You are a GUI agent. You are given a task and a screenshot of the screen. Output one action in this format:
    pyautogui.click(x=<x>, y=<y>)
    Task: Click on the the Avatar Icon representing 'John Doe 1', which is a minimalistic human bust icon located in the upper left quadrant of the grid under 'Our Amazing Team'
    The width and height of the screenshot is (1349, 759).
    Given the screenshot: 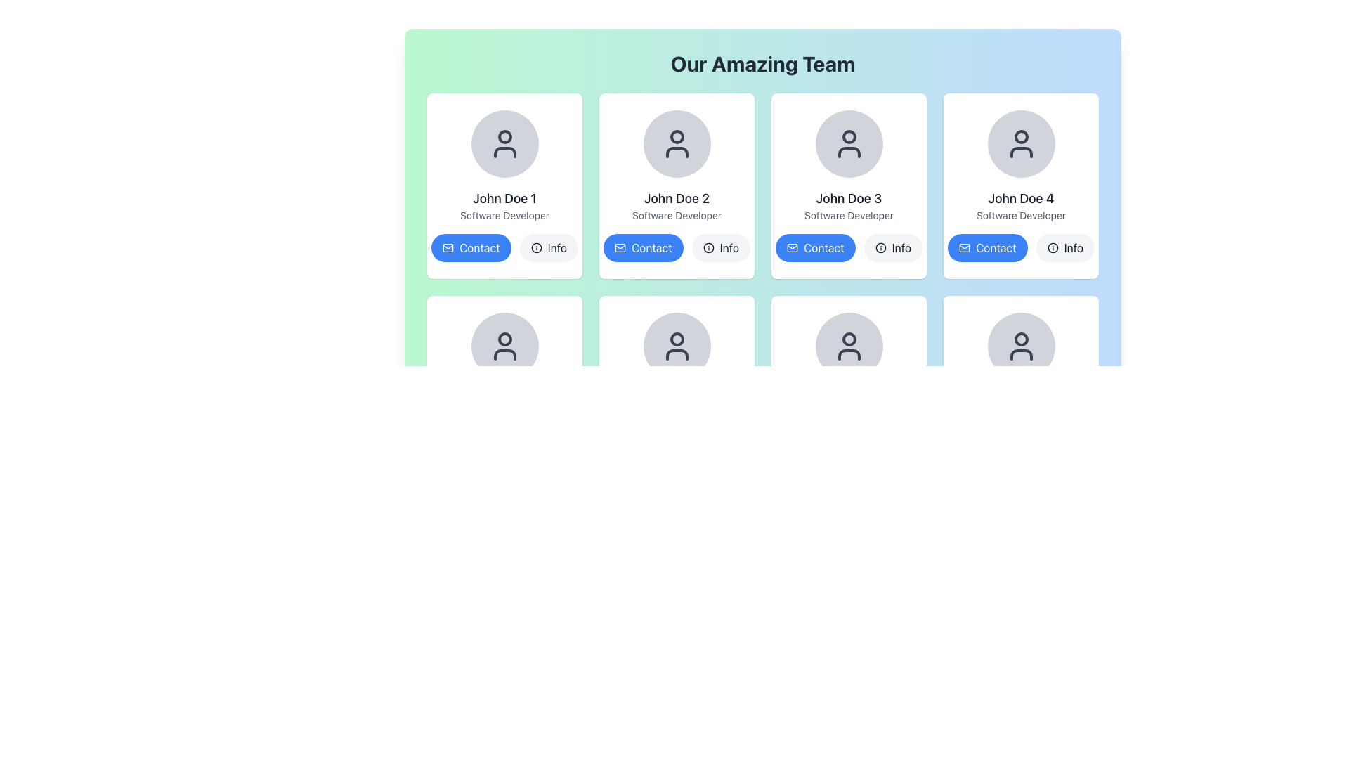 What is the action you would take?
    pyautogui.click(x=504, y=143)
    